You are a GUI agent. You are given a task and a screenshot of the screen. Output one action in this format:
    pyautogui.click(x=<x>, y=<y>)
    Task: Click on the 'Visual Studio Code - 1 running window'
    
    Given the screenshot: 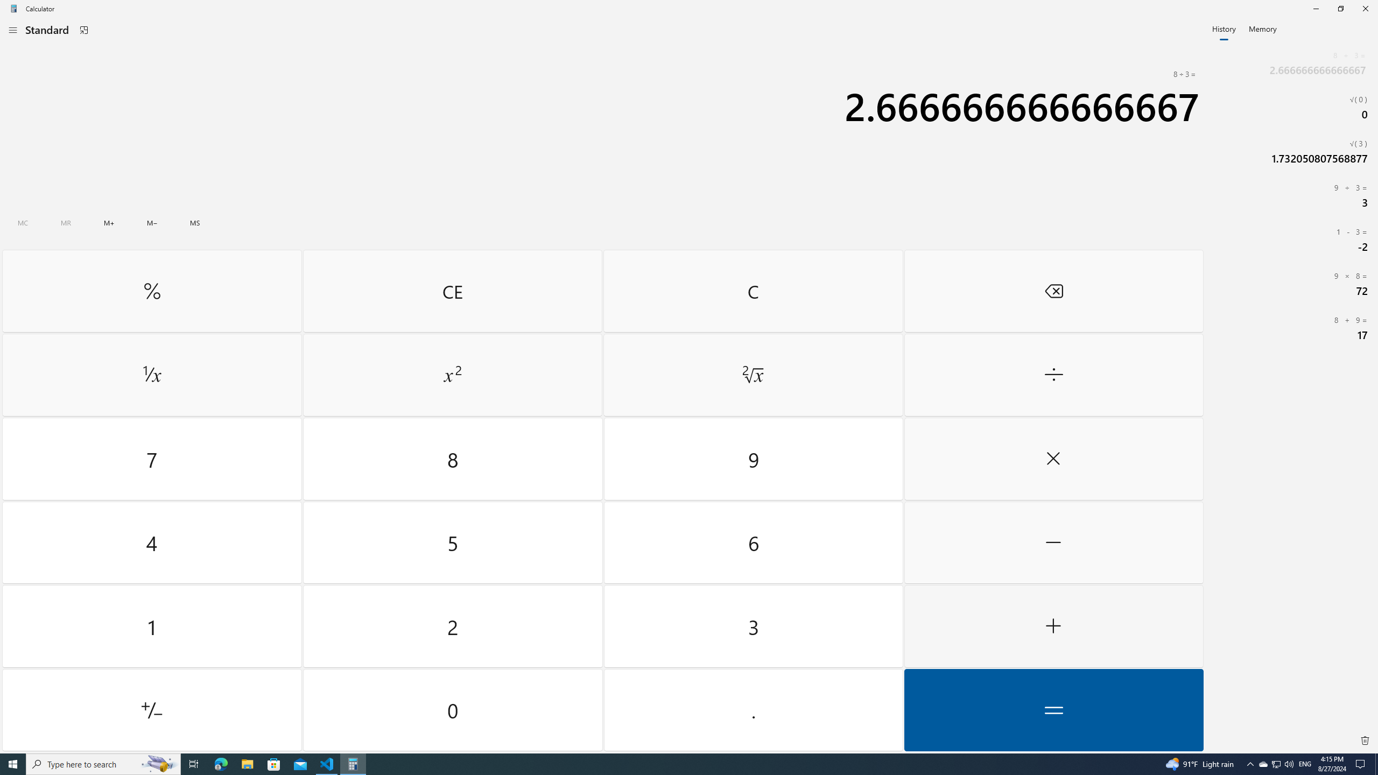 What is the action you would take?
    pyautogui.click(x=327, y=763)
    